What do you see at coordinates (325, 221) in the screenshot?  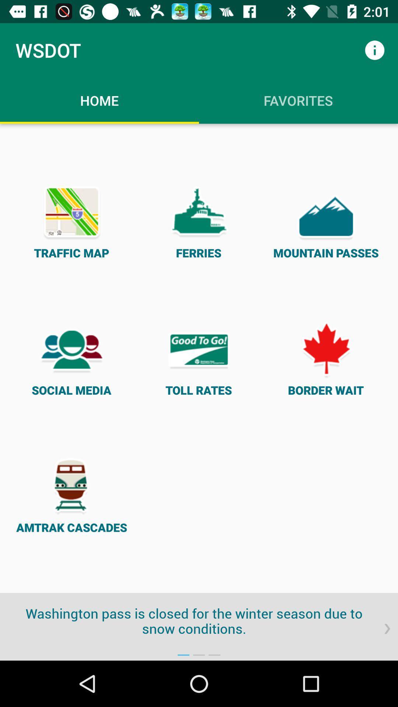 I see `the mountain passes icon` at bounding box center [325, 221].